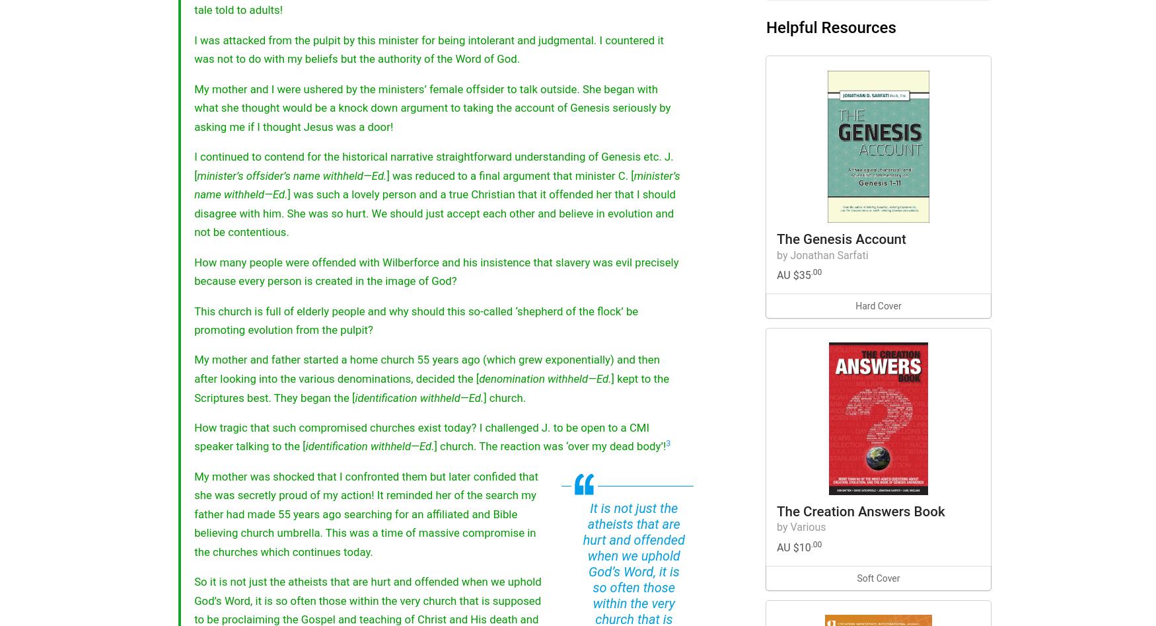  Describe the element at coordinates (776, 527) in the screenshot. I see `'by Various'` at that location.